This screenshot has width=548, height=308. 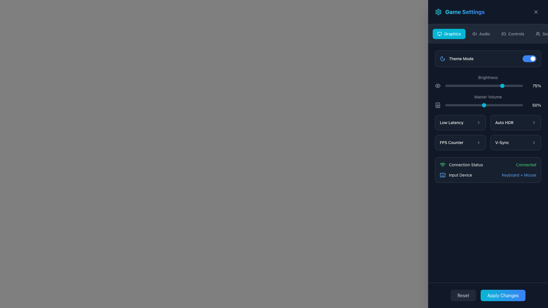 I want to click on the 'Input Device' text-label with the adjacent keyboard icon on the right-side settings panel, located below the 'Connection Status' heading, so click(x=456, y=175).